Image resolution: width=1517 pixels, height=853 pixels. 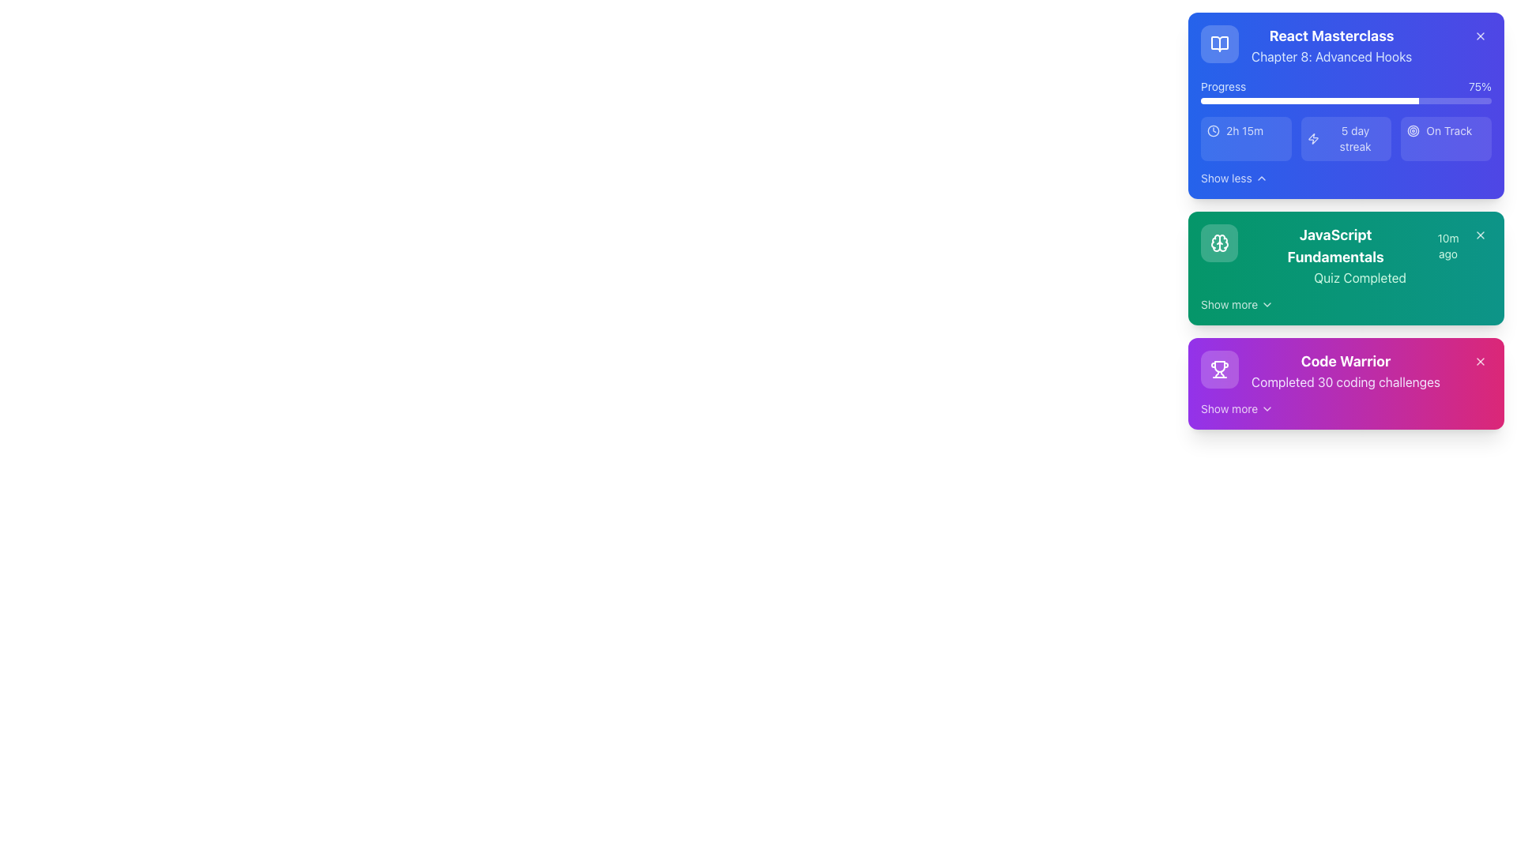 I want to click on the close button in the top-right corner of the green card labeled 'JavaScript Fundamentals', so click(x=1479, y=235).